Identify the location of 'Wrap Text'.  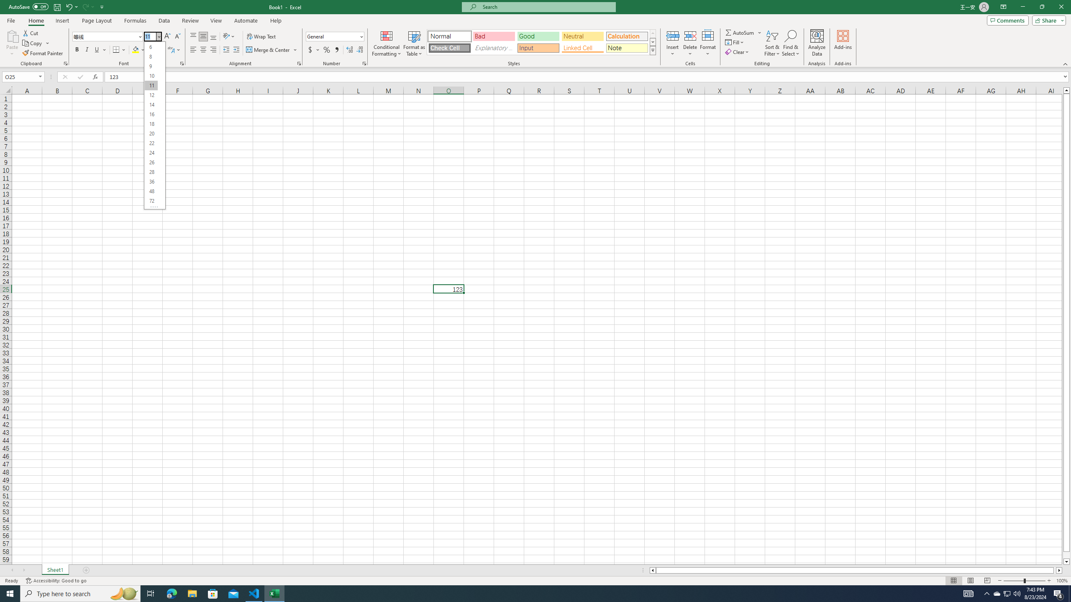
(261, 36).